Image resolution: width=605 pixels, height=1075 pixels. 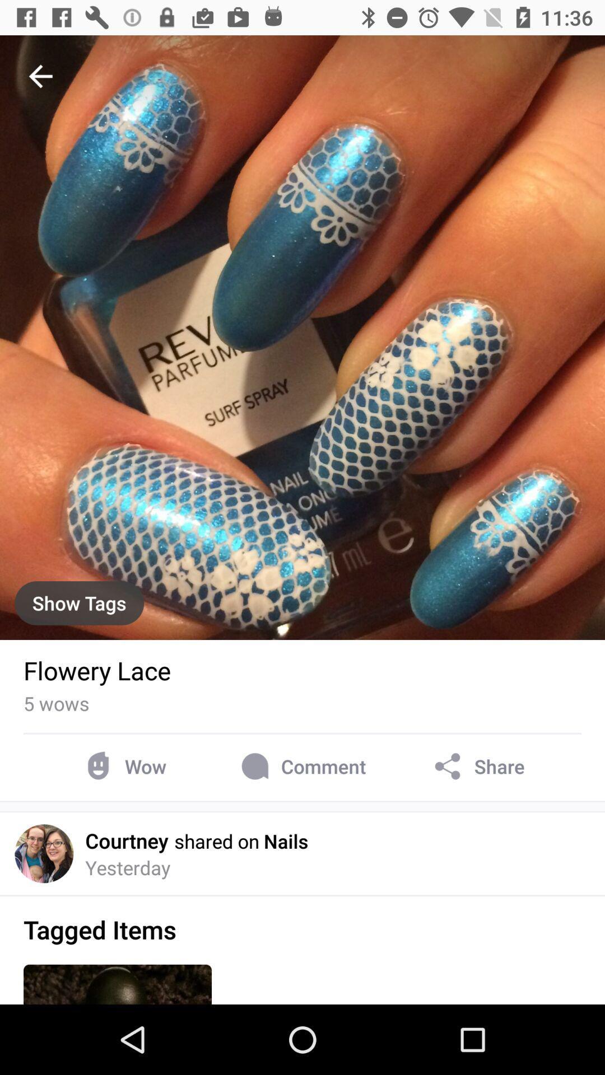 I want to click on maximize picture, so click(x=302, y=337).